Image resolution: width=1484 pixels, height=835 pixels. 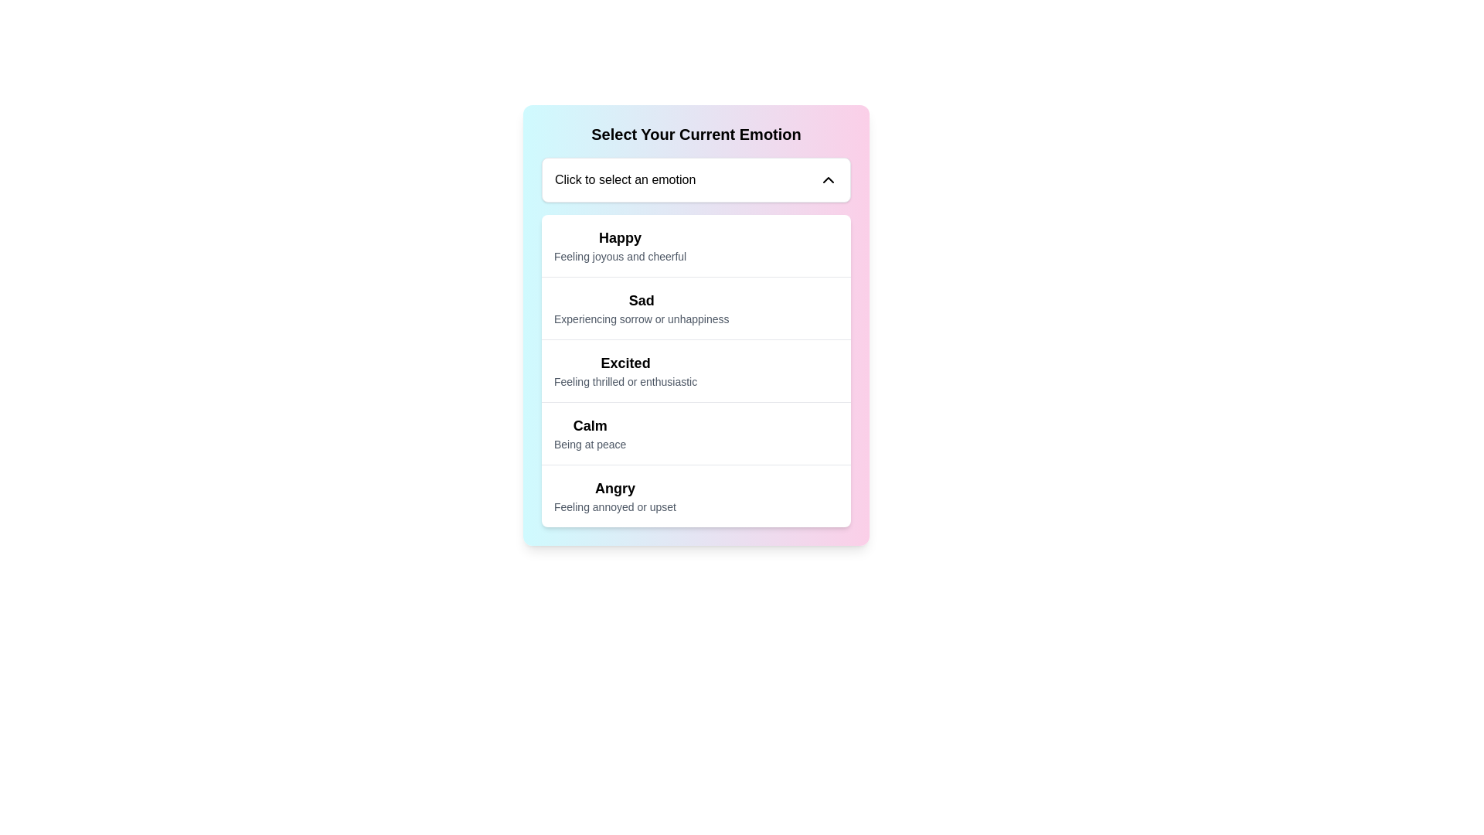 What do you see at coordinates (620, 244) in the screenshot?
I see `the first text-based selectable item that reads 'Happy' in bold font, which is part of a vertical list of options below the dropdown labeled 'Click to select an emotion'` at bounding box center [620, 244].